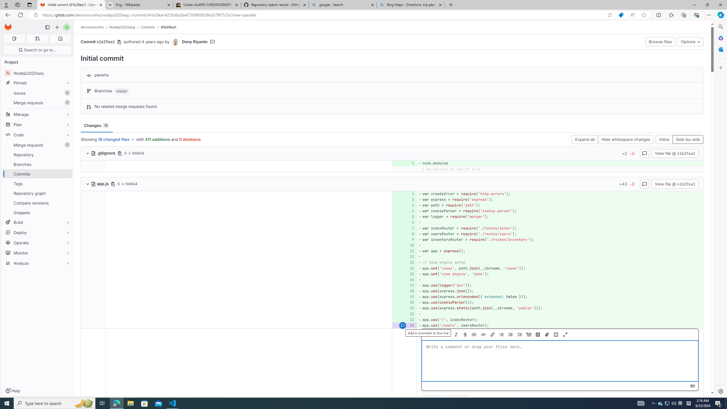 This screenshot has height=409, width=727. What do you see at coordinates (404, 320) in the screenshot?
I see `'Add a comment to this line 23'` at bounding box center [404, 320].